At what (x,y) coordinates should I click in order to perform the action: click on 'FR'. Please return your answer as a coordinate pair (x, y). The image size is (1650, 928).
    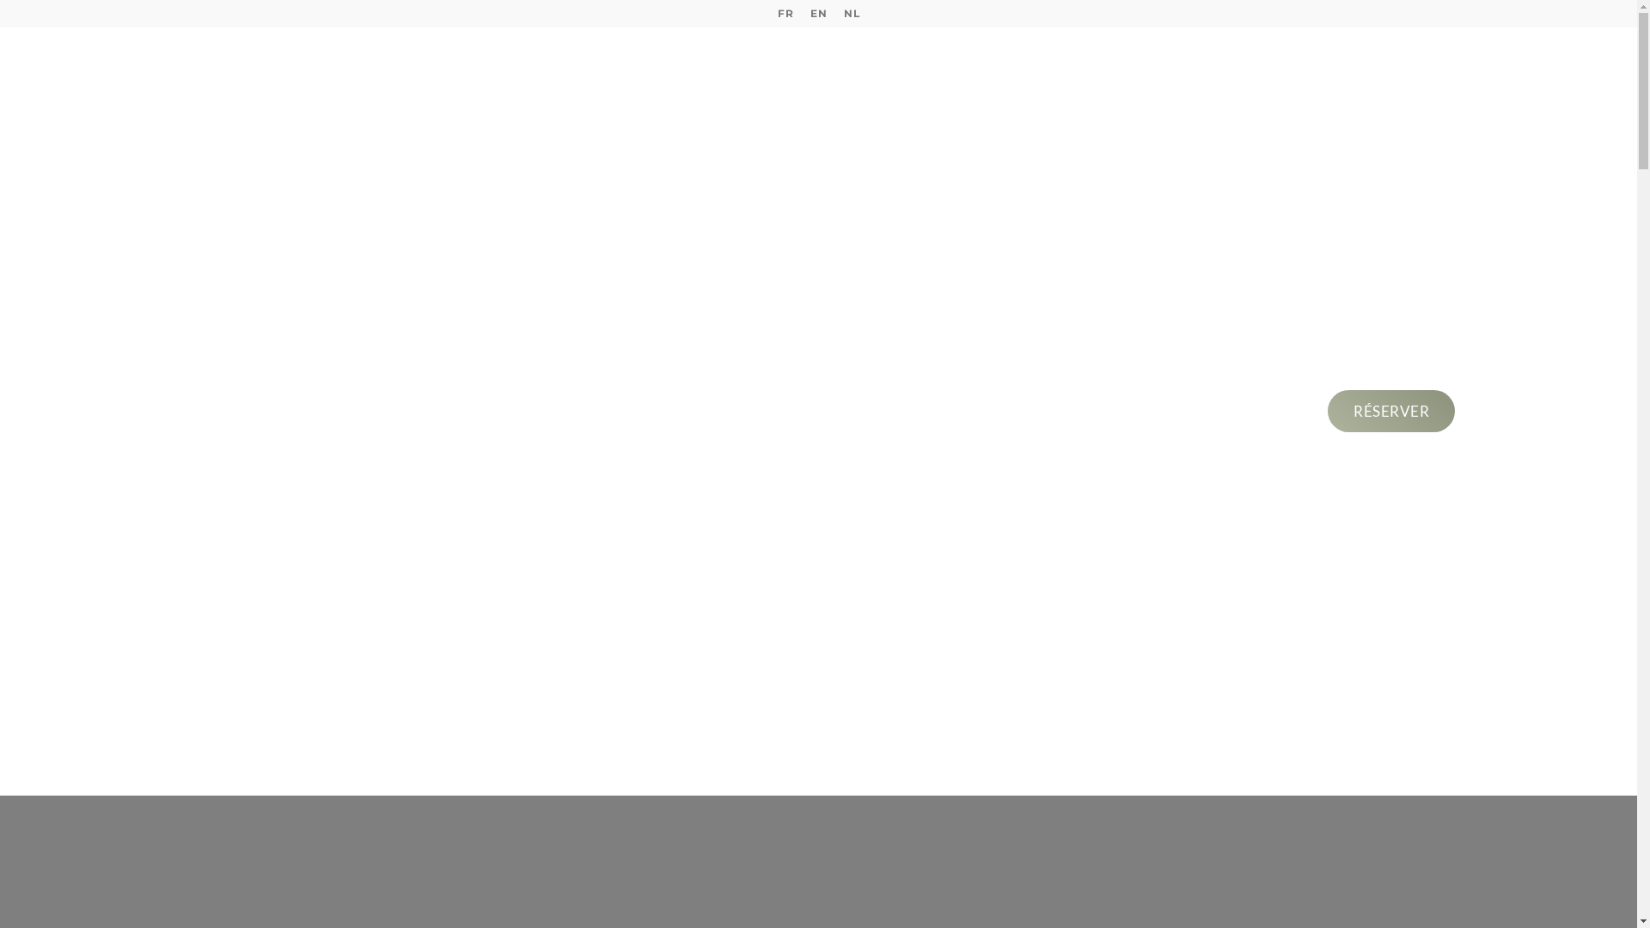
    Looking at the image, I should click on (784, 13).